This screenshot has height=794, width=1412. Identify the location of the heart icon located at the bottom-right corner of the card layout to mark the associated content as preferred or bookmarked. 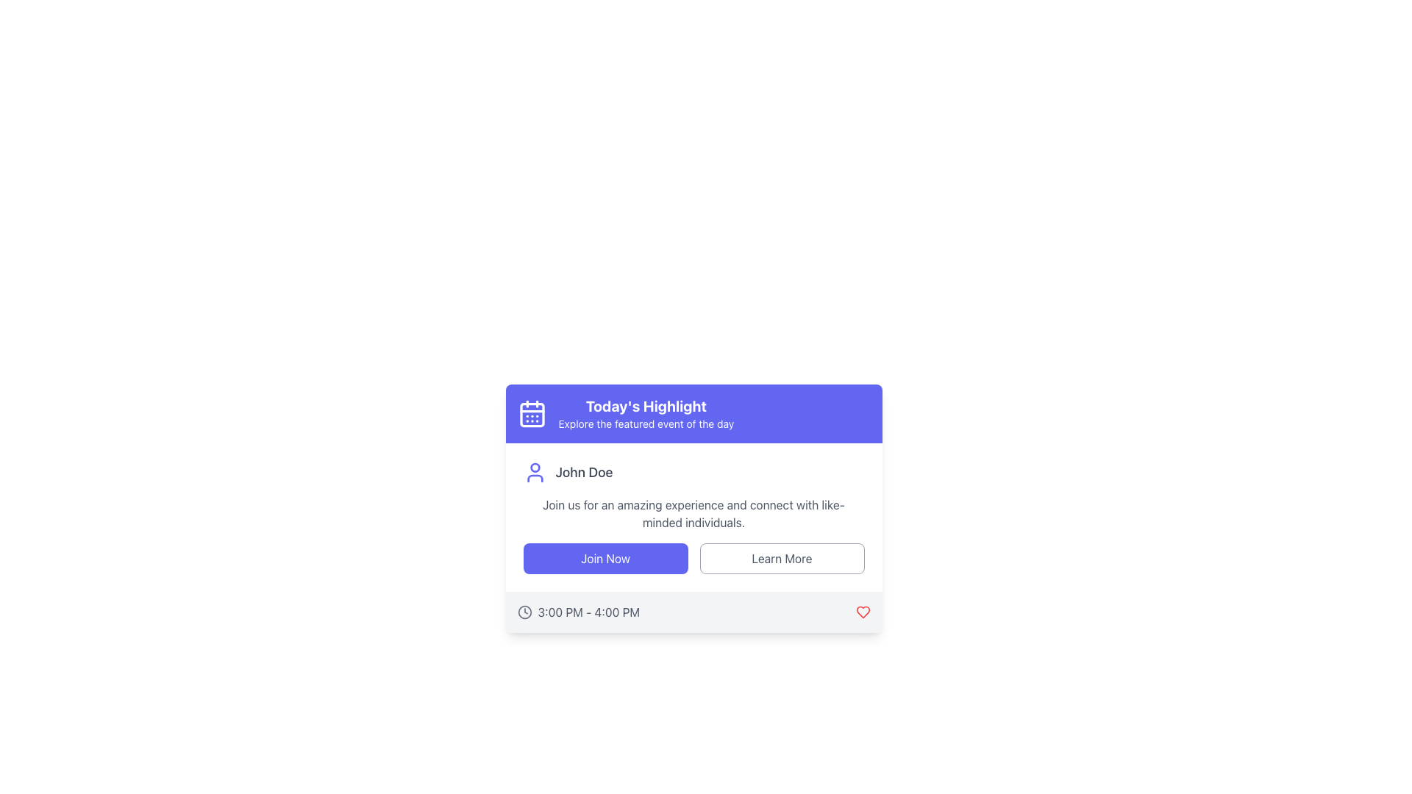
(863, 612).